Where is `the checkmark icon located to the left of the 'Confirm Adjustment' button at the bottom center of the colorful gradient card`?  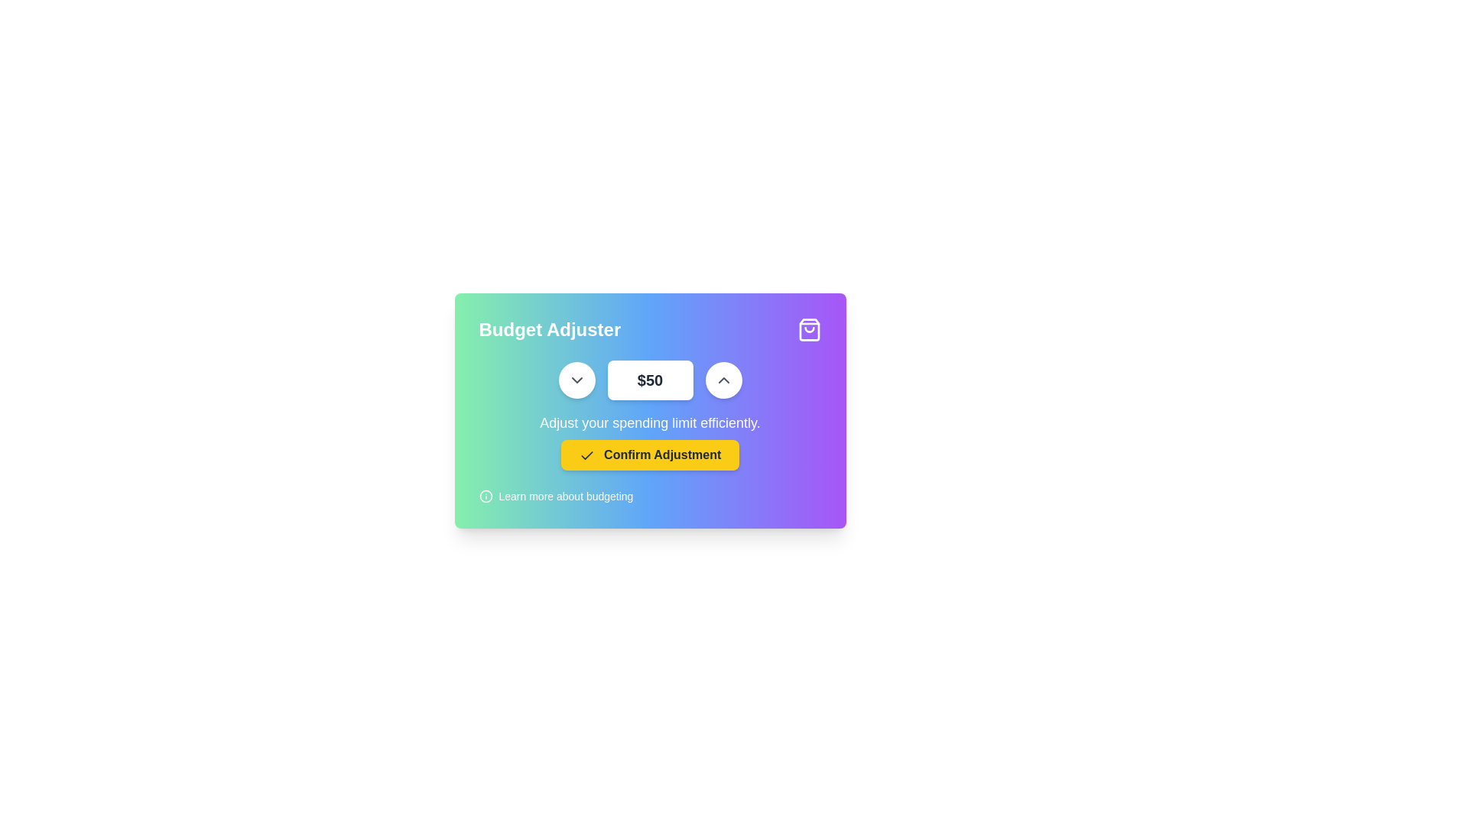
the checkmark icon located to the left of the 'Confirm Adjustment' button at the bottom center of the colorful gradient card is located at coordinates (586, 455).